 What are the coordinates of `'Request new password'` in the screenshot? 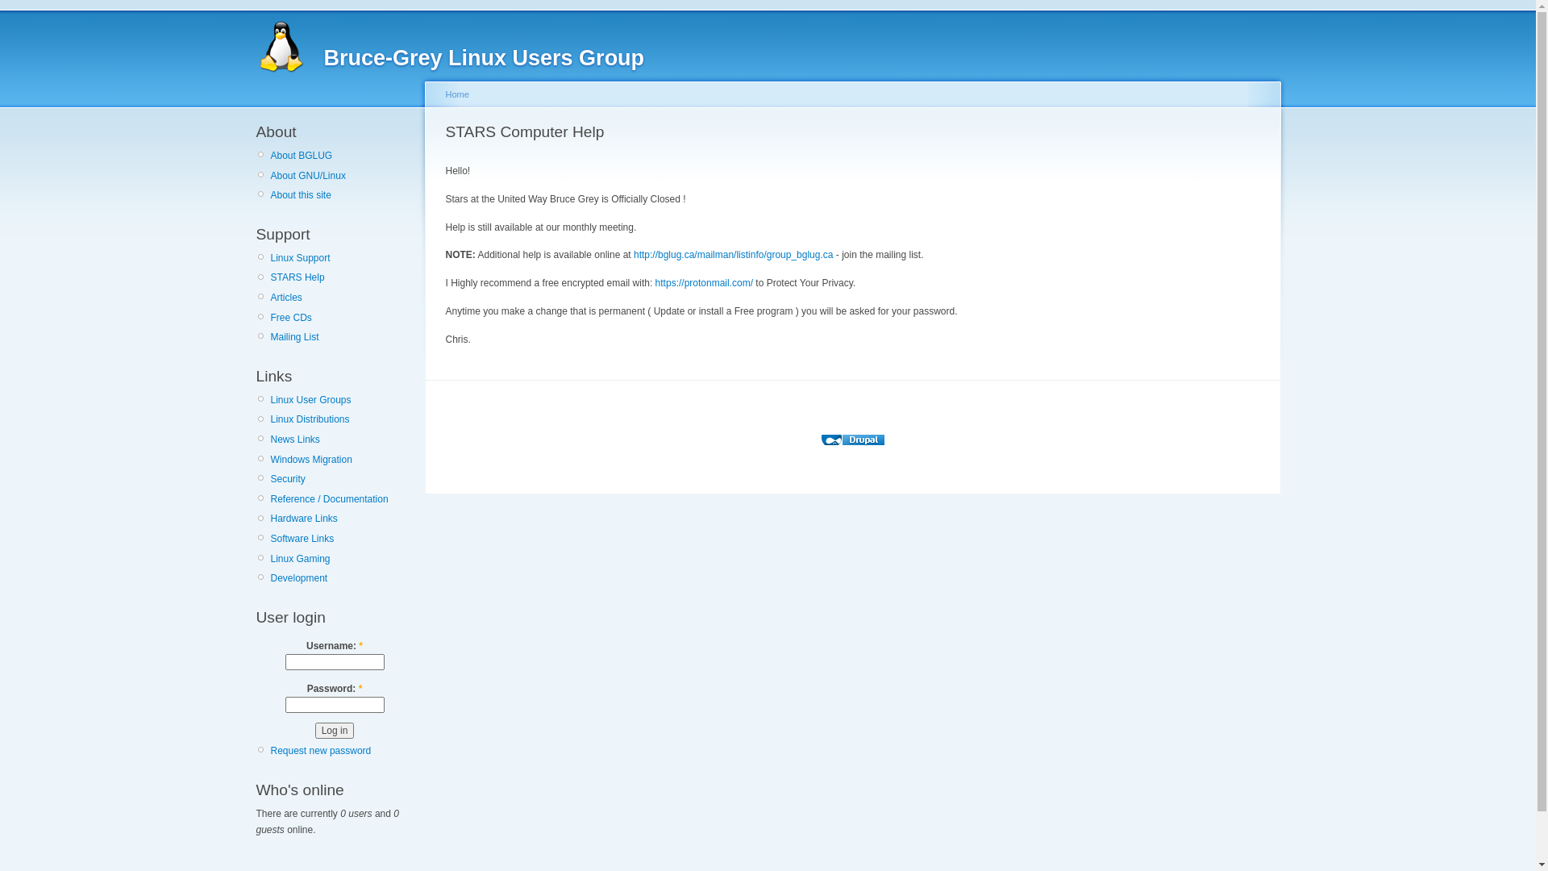 It's located at (321, 750).